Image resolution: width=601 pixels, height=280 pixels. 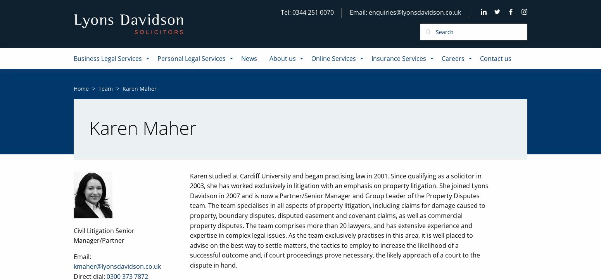 What do you see at coordinates (414, 12) in the screenshot?
I see `'enquiries@lyonsdavidson.co.uk'` at bounding box center [414, 12].